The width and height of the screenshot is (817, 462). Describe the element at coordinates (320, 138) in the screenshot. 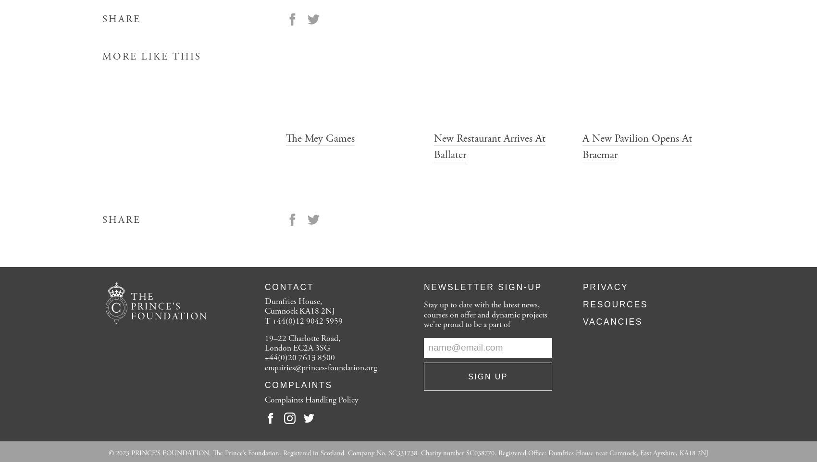

I see `'The Mey Games'` at that location.